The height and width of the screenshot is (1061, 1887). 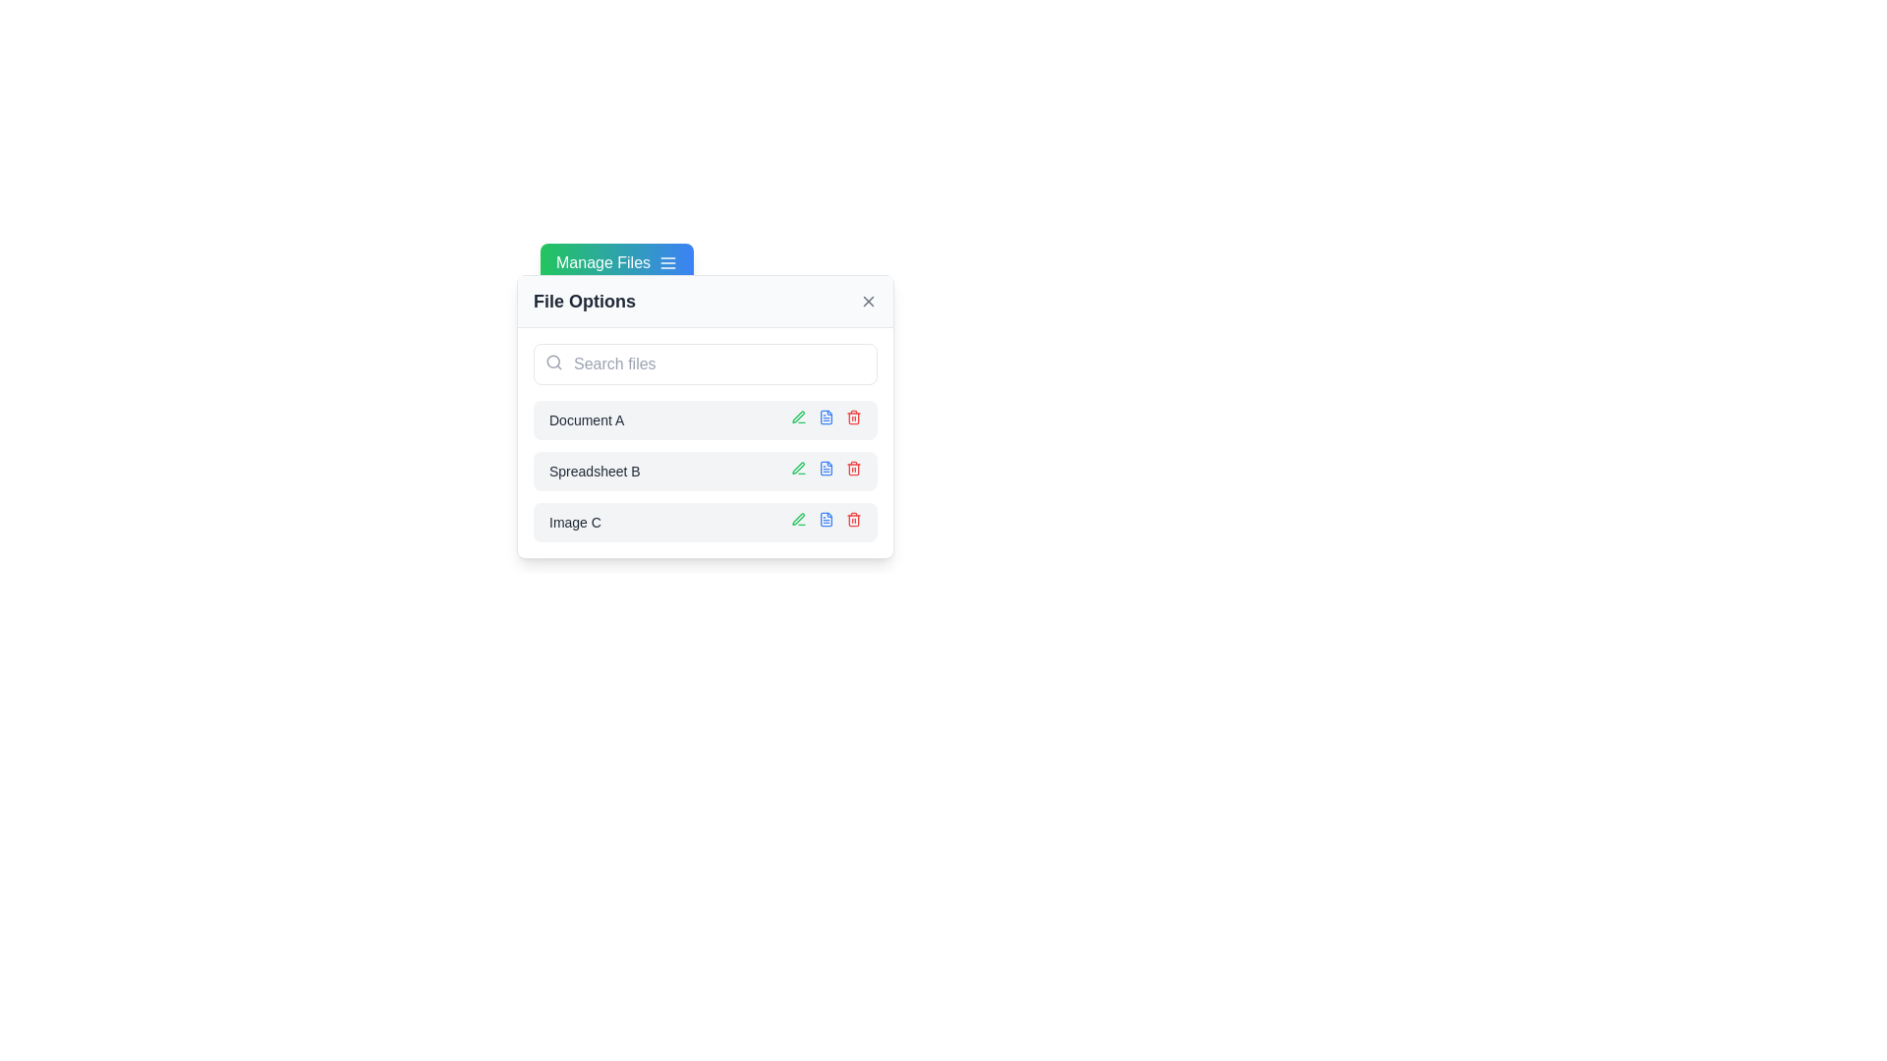 I want to click on the close button represented as a small cross ('x') icon located in the top right corner of the 'File Options' modal interface, so click(x=867, y=302).